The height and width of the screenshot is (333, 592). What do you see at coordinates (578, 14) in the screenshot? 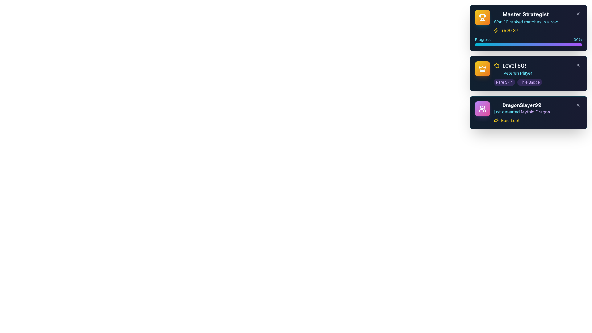
I see `the circular gray button with an 'X' icon located in the top-right corner of the 'Master Strategist' card` at bounding box center [578, 14].